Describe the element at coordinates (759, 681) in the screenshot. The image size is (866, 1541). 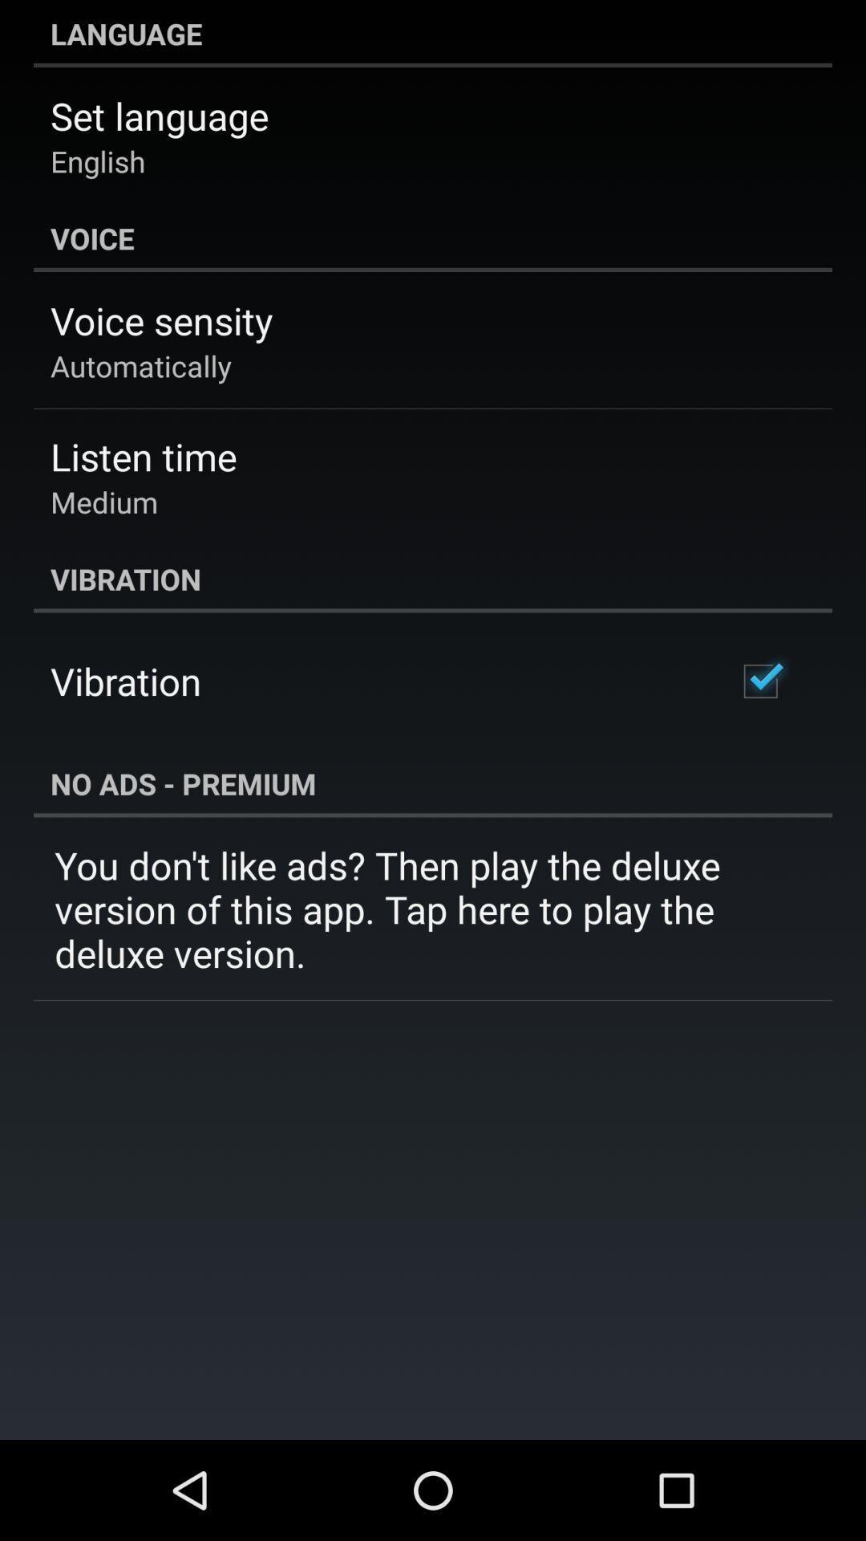
I see `app next to vibration icon` at that location.